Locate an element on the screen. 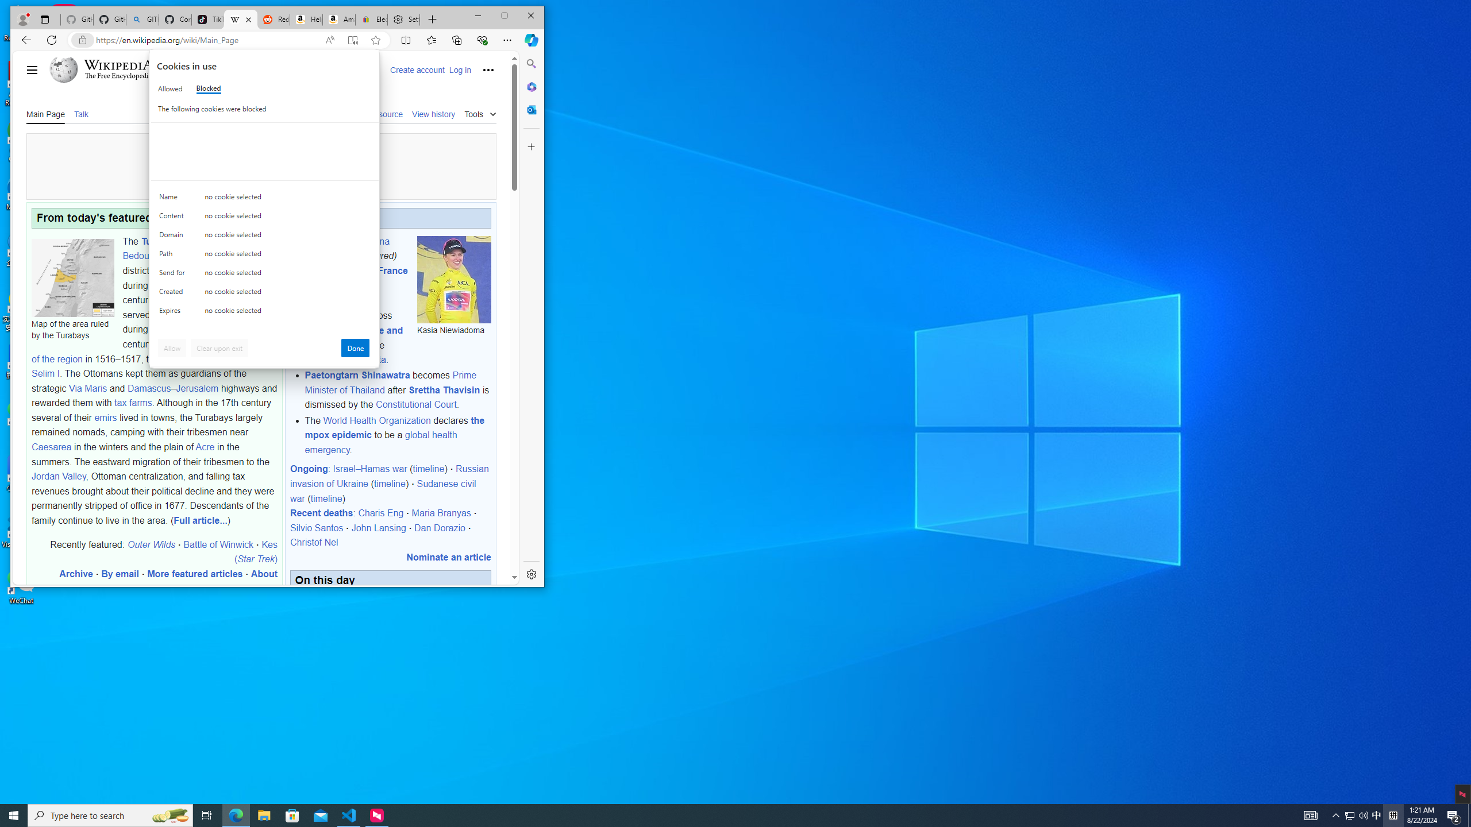 The width and height of the screenshot is (1471, 827). 'Content' is located at coordinates (174, 199).